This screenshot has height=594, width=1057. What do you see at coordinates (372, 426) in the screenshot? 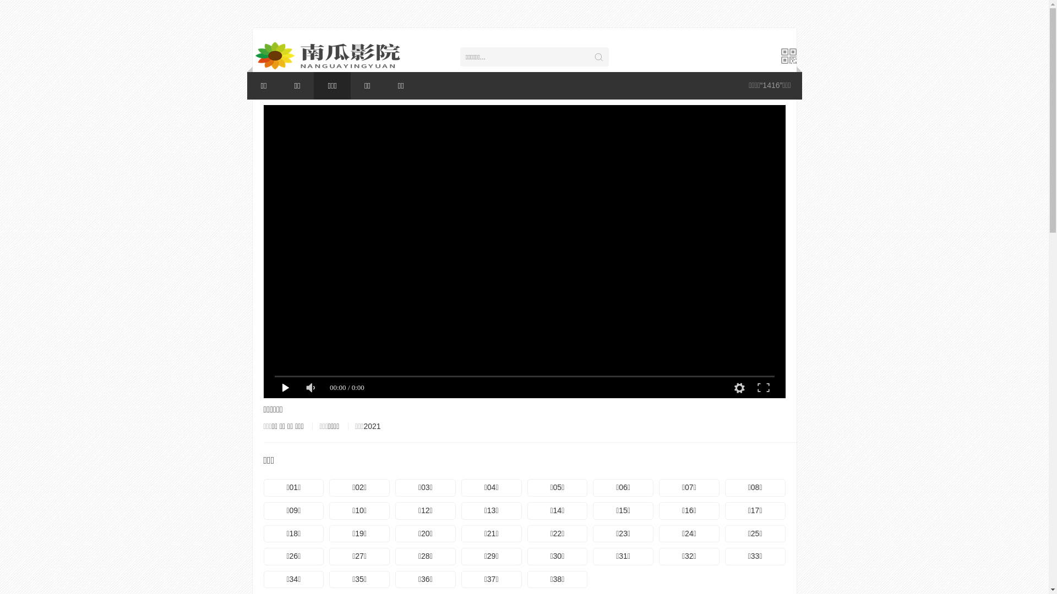
I see `'2021'` at bounding box center [372, 426].